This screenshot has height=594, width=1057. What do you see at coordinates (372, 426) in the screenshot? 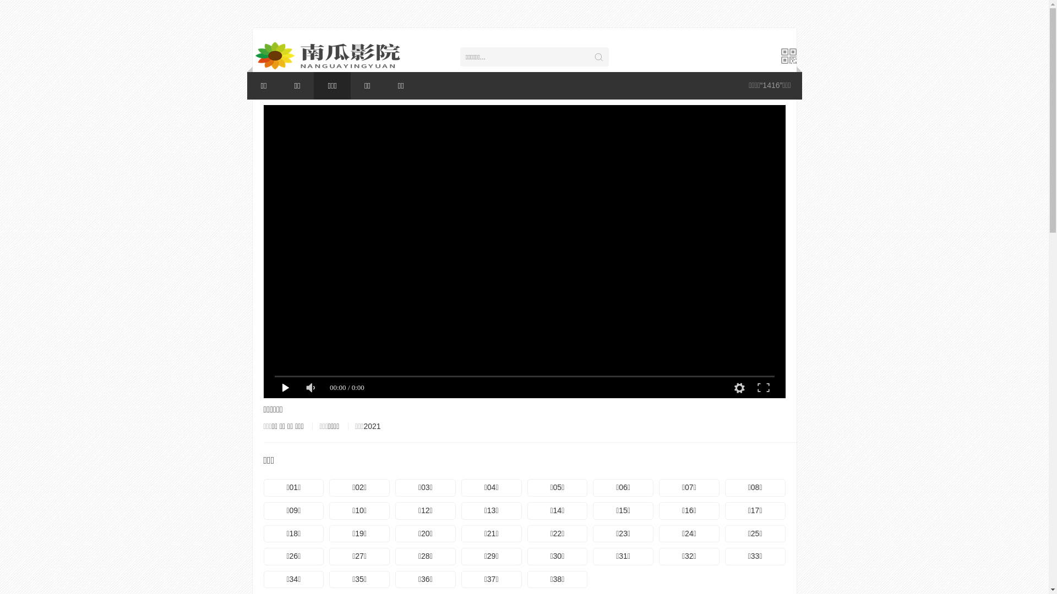
I see `'2021'` at bounding box center [372, 426].